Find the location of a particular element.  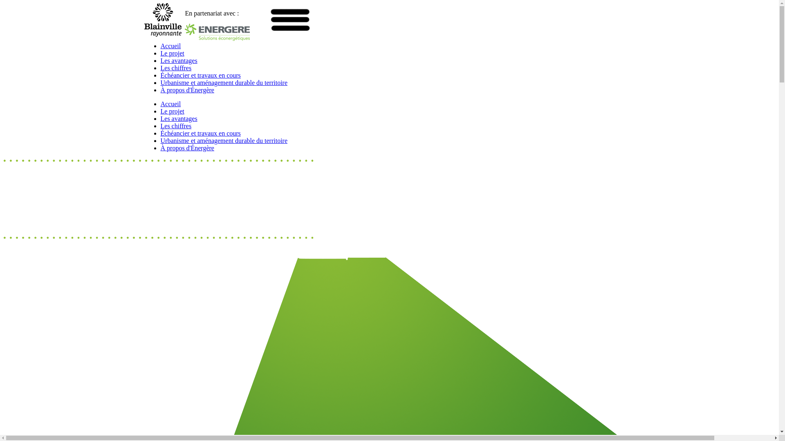

'Accueil' is located at coordinates (170, 103).